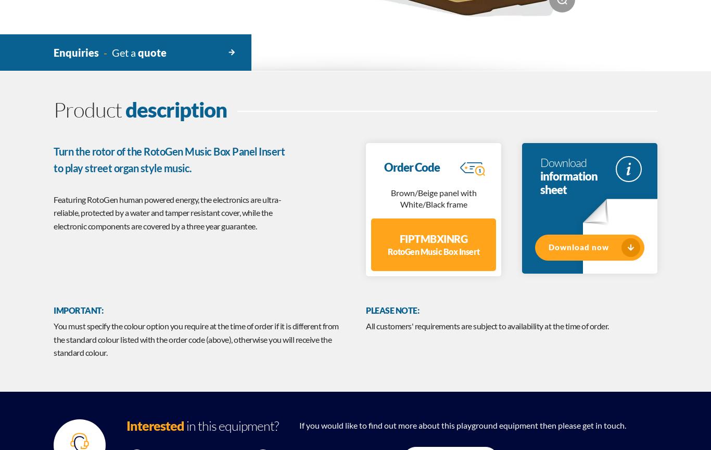  Describe the element at coordinates (176, 109) in the screenshot. I see `'description'` at that location.